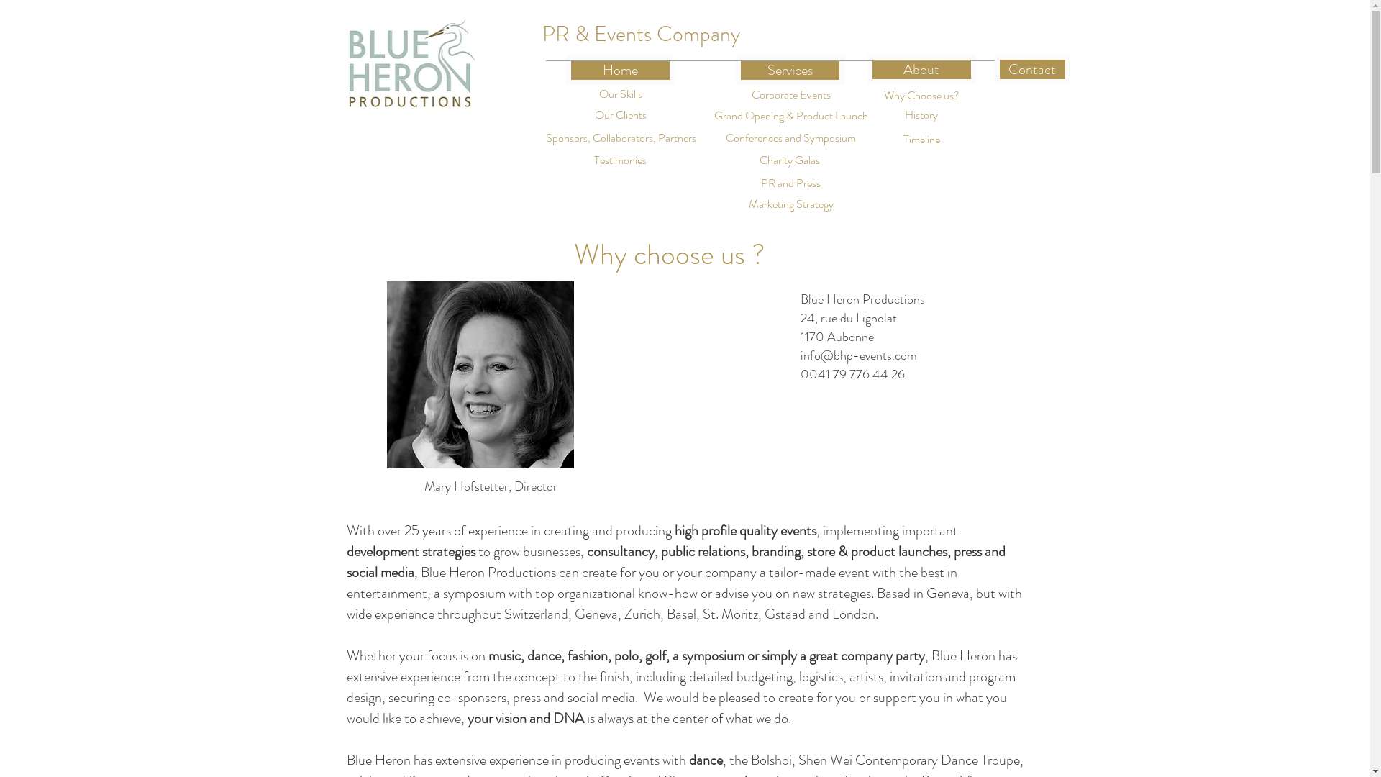 The width and height of the screenshot is (1381, 777). I want to click on 'Wix Language Menu', so click(947, 32).